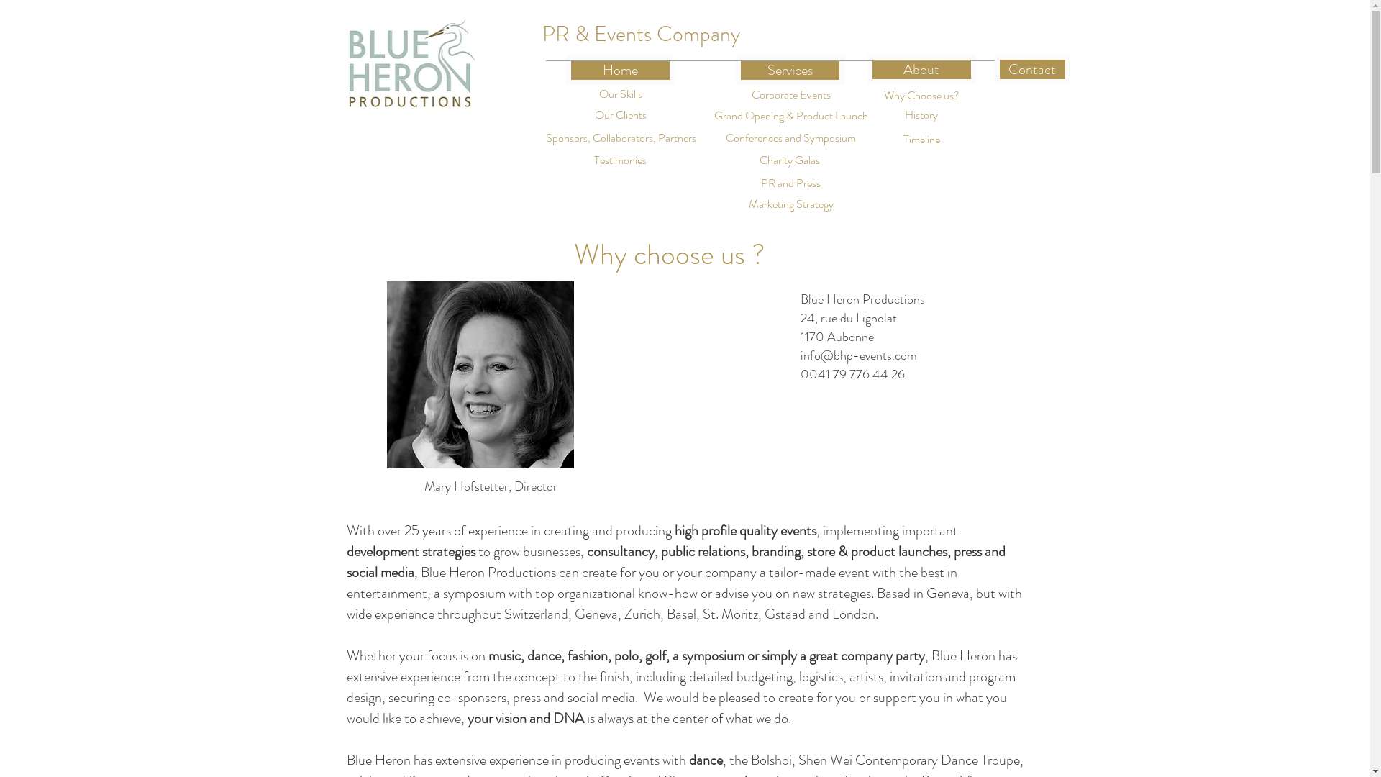 The width and height of the screenshot is (1381, 777). I want to click on 'Wix Language Menu', so click(947, 32).